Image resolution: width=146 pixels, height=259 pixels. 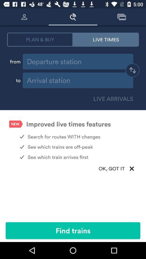 I want to click on the ok, got it item, so click(x=73, y=168).